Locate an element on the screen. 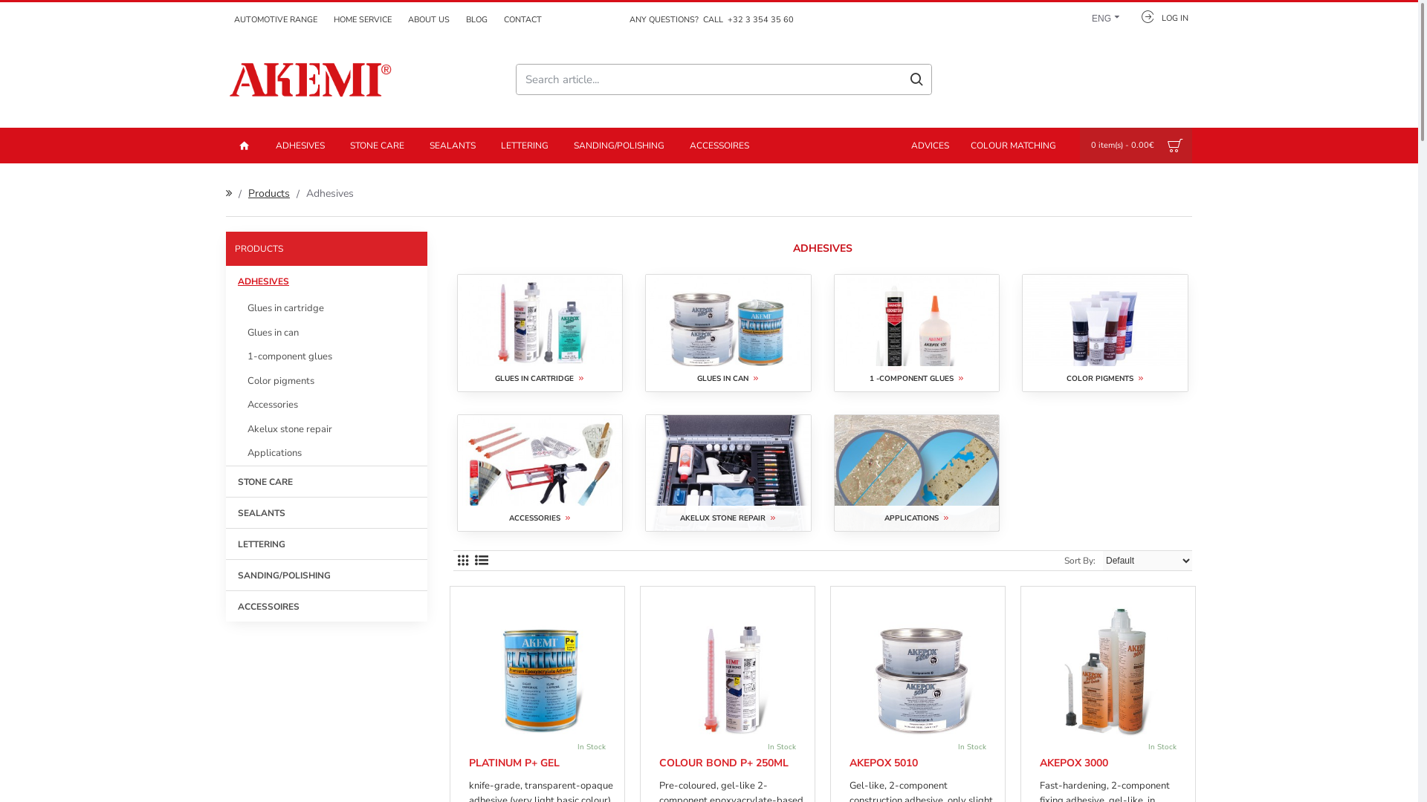 The height and width of the screenshot is (802, 1427). 'ABOUT US' is located at coordinates (399, 20).